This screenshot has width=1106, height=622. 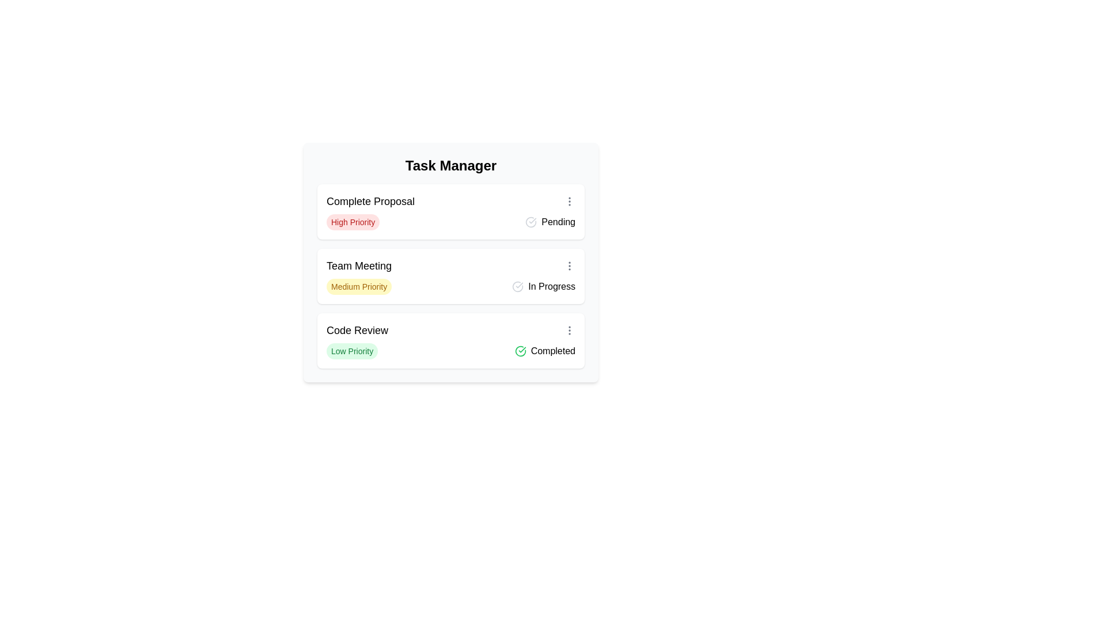 I want to click on status text from the Status Indicator indicating 'Pending' for the task 'Complete Proposal' located to the right of 'High Priority', so click(x=550, y=222).